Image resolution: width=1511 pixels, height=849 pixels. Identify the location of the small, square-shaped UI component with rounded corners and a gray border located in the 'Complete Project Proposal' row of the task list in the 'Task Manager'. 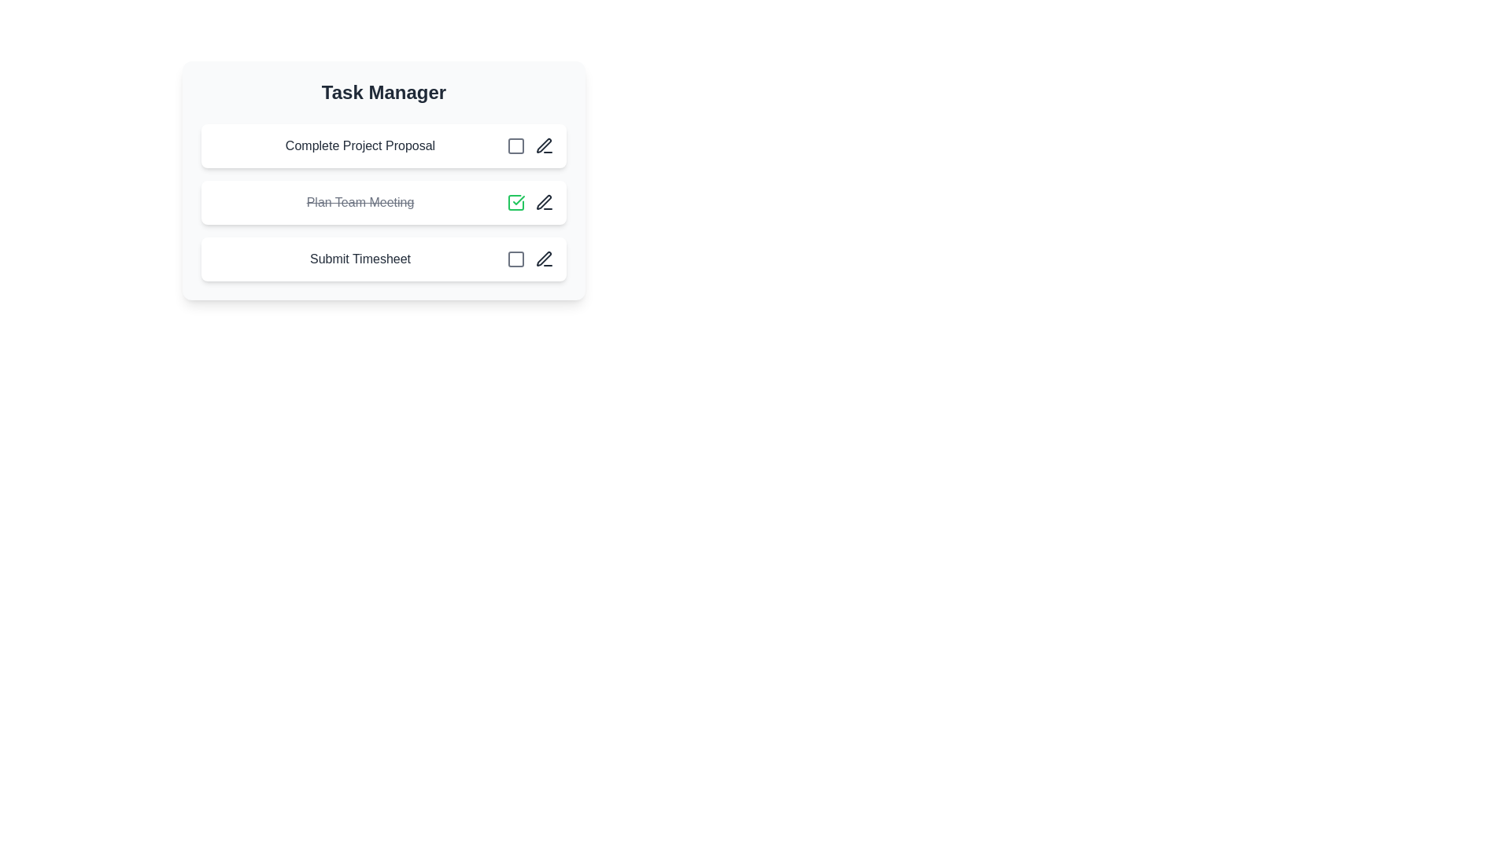
(516, 145).